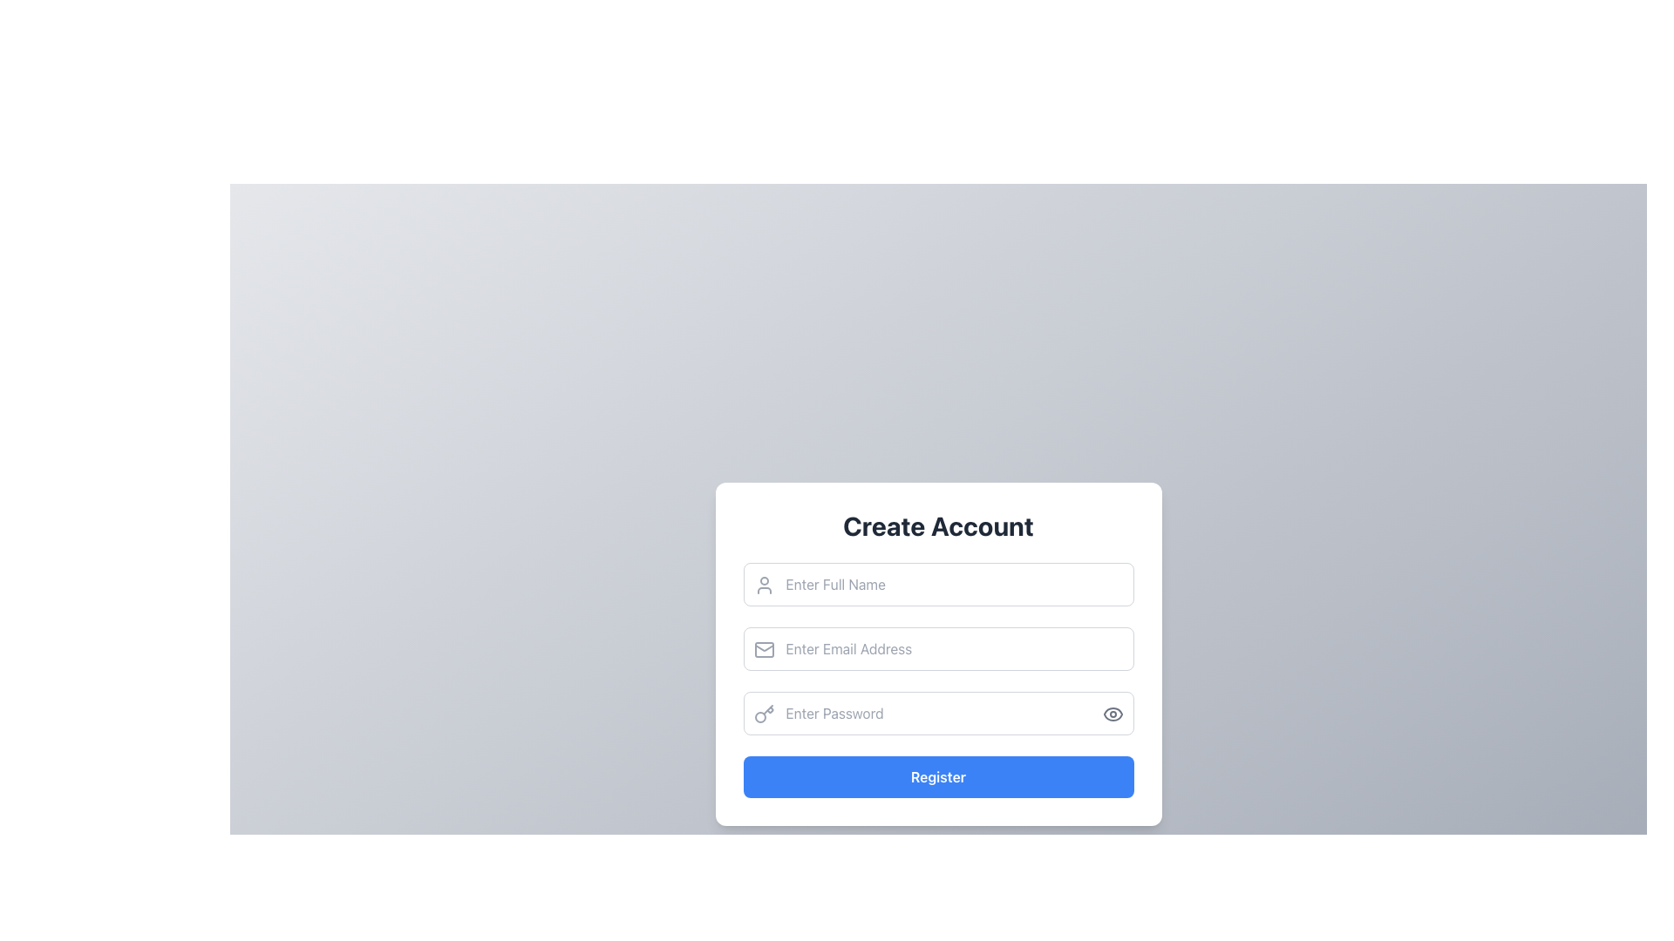 This screenshot has height=941, width=1674. Describe the element at coordinates (1112, 714) in the screenshot. I see `the graphical eye icon located on the far right of the password input field in the third vertical row` at that location.